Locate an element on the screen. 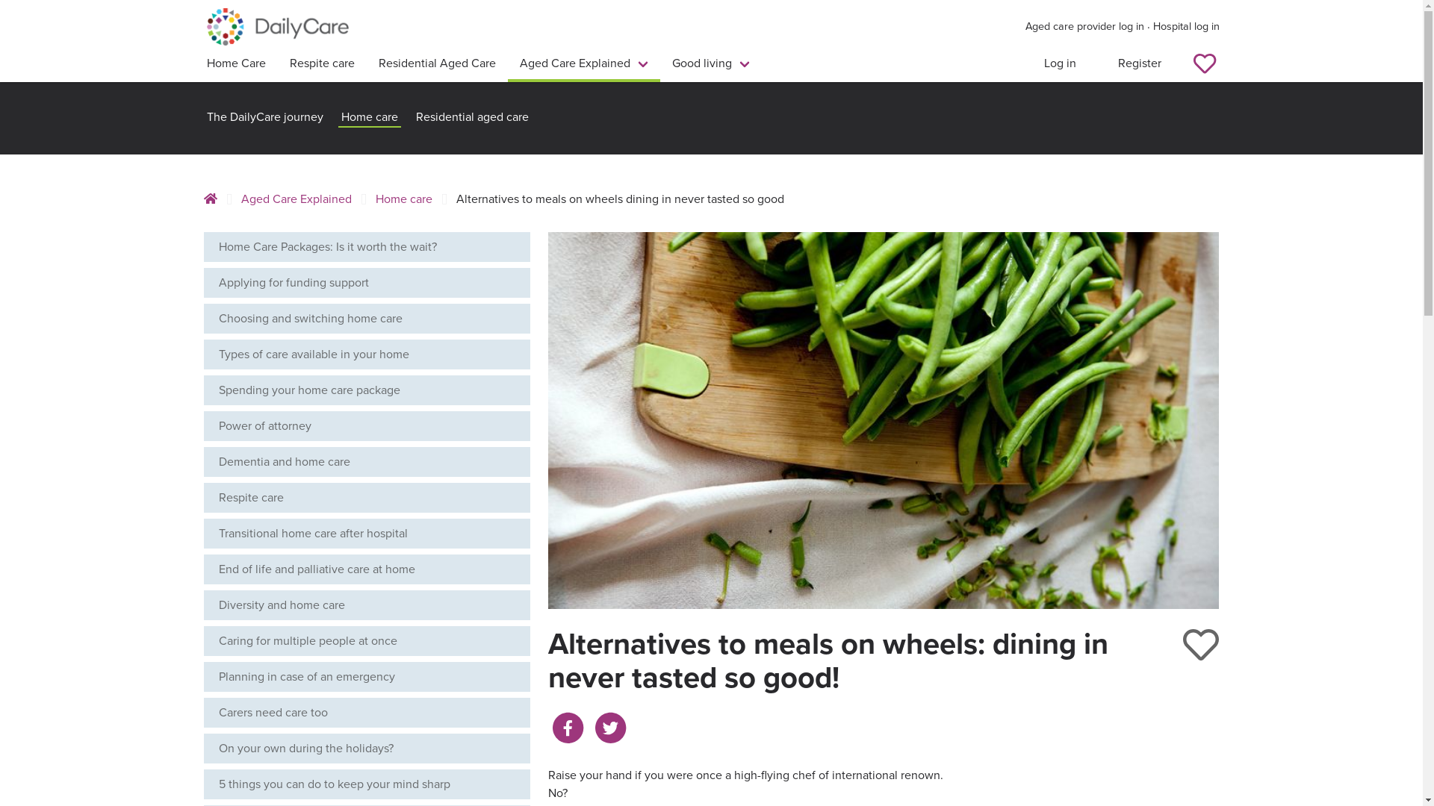  'Hospital log in' is located at coordinates (1185, 26).